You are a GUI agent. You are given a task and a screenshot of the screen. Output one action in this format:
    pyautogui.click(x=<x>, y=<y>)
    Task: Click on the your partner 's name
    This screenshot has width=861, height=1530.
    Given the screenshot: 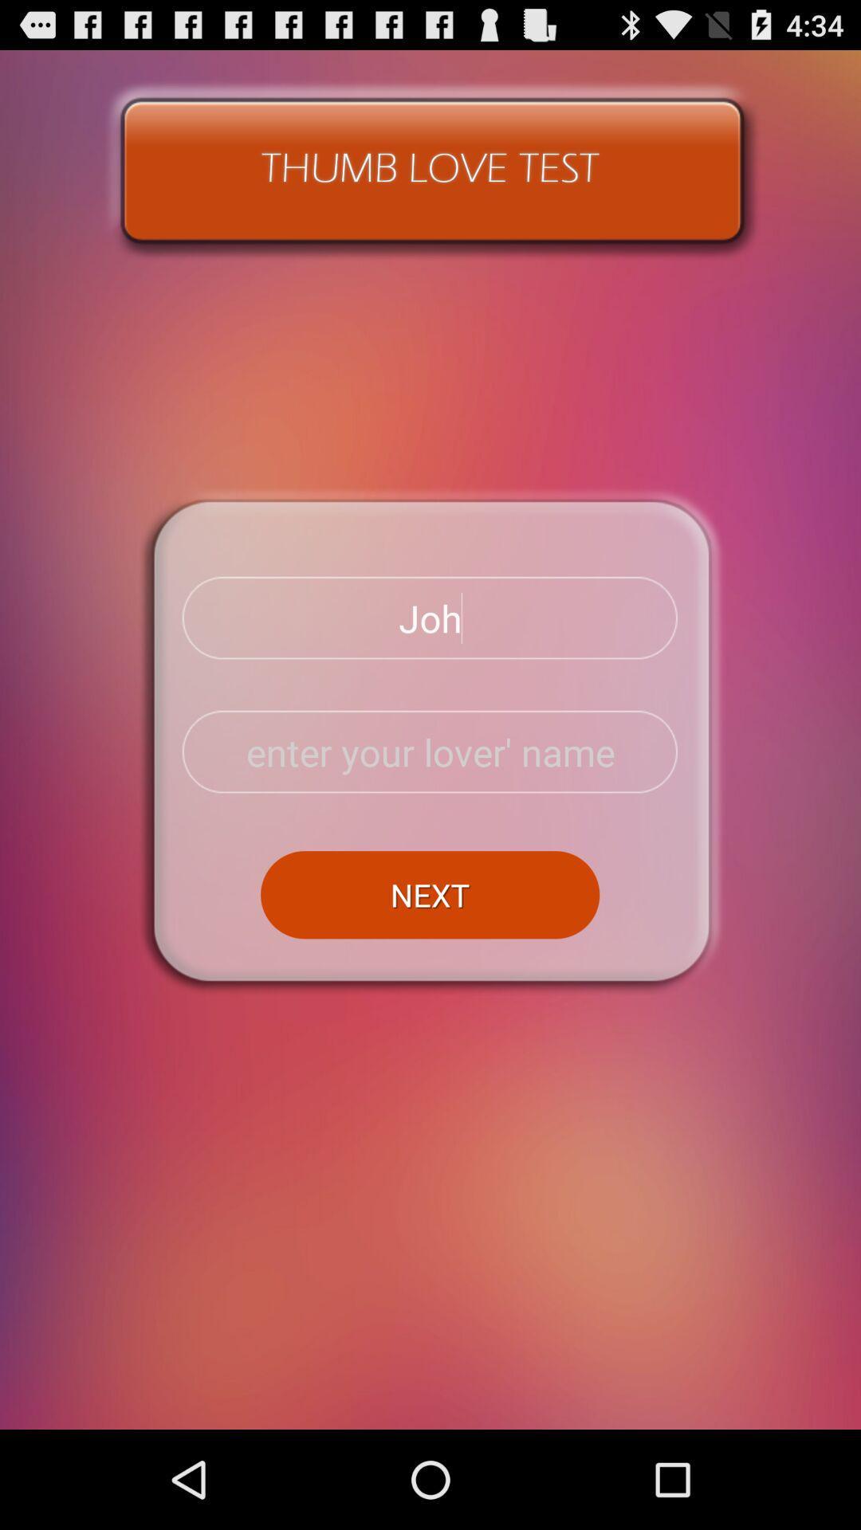 What is the action you would take?
    pyautogui.click(x=431, y=751)
    